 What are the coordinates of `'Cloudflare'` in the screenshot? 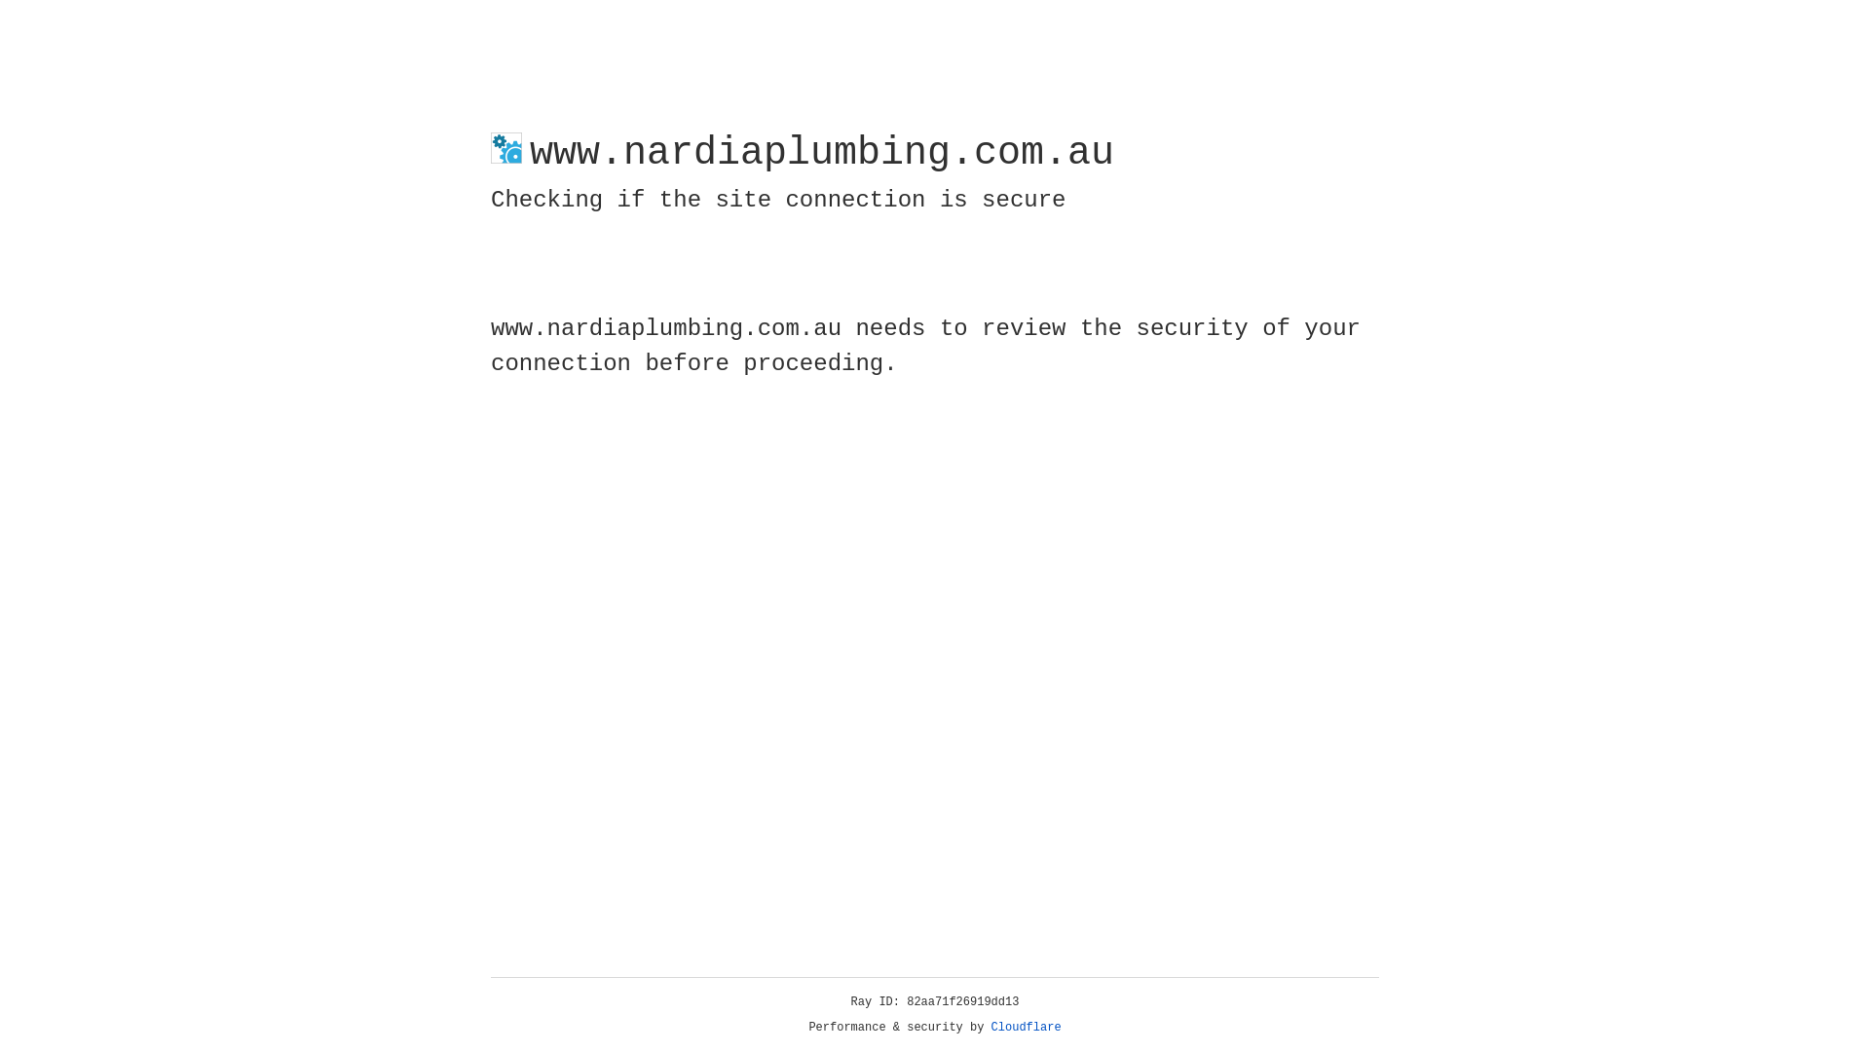 It's located at (1026, 1027).